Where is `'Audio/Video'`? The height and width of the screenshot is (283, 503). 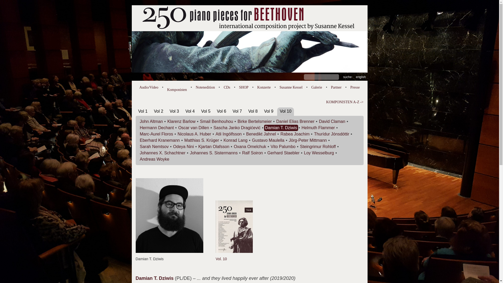
'Audio/Video' is located at coordinates (148, 87).